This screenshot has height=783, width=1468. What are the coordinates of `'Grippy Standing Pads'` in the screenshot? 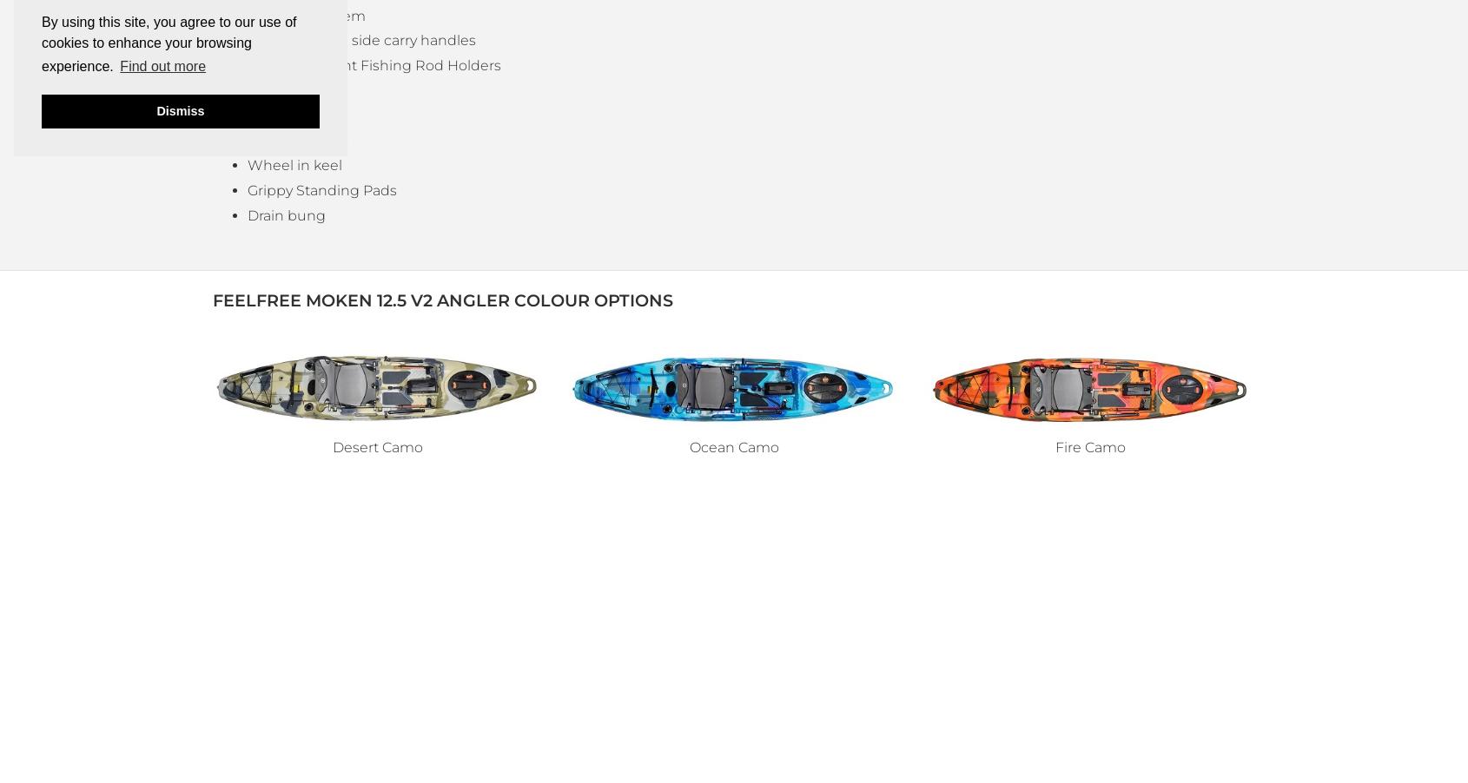 It's located at (247, 189).